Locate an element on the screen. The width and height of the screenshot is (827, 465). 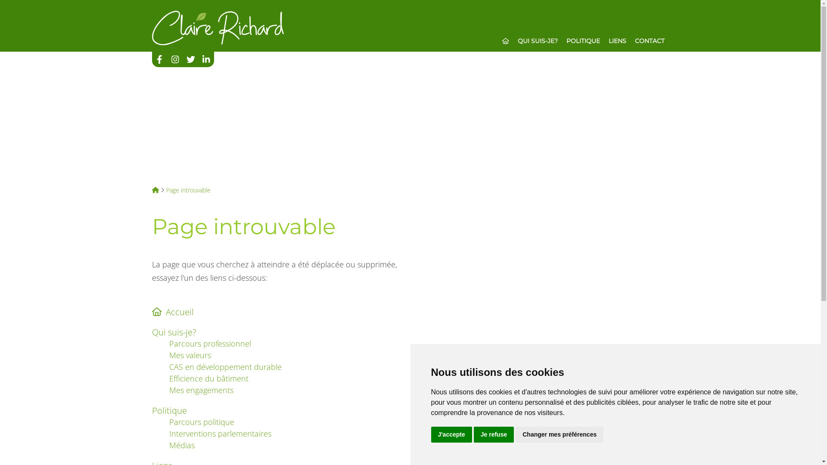
'LIENS' is located at coordinates (616, 41).